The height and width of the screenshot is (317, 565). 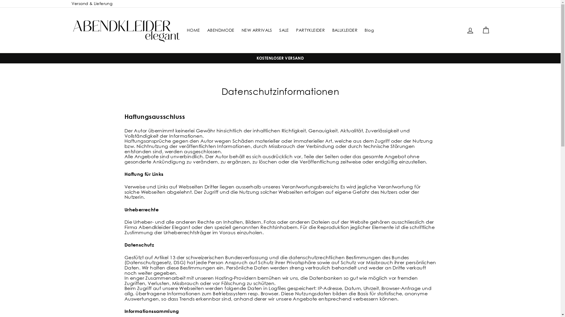 I want to click on 'Einloggen', so click(x=470, y=30).